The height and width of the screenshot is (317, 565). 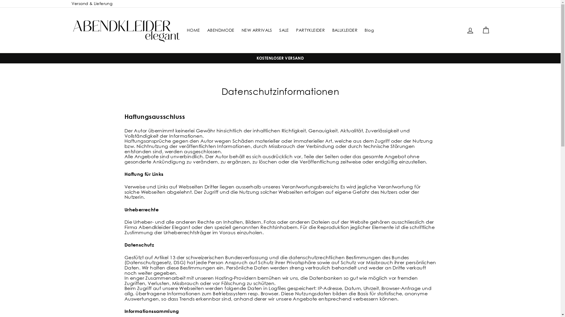 I want to click on 'Einloggen', so click(x=470, y=30).